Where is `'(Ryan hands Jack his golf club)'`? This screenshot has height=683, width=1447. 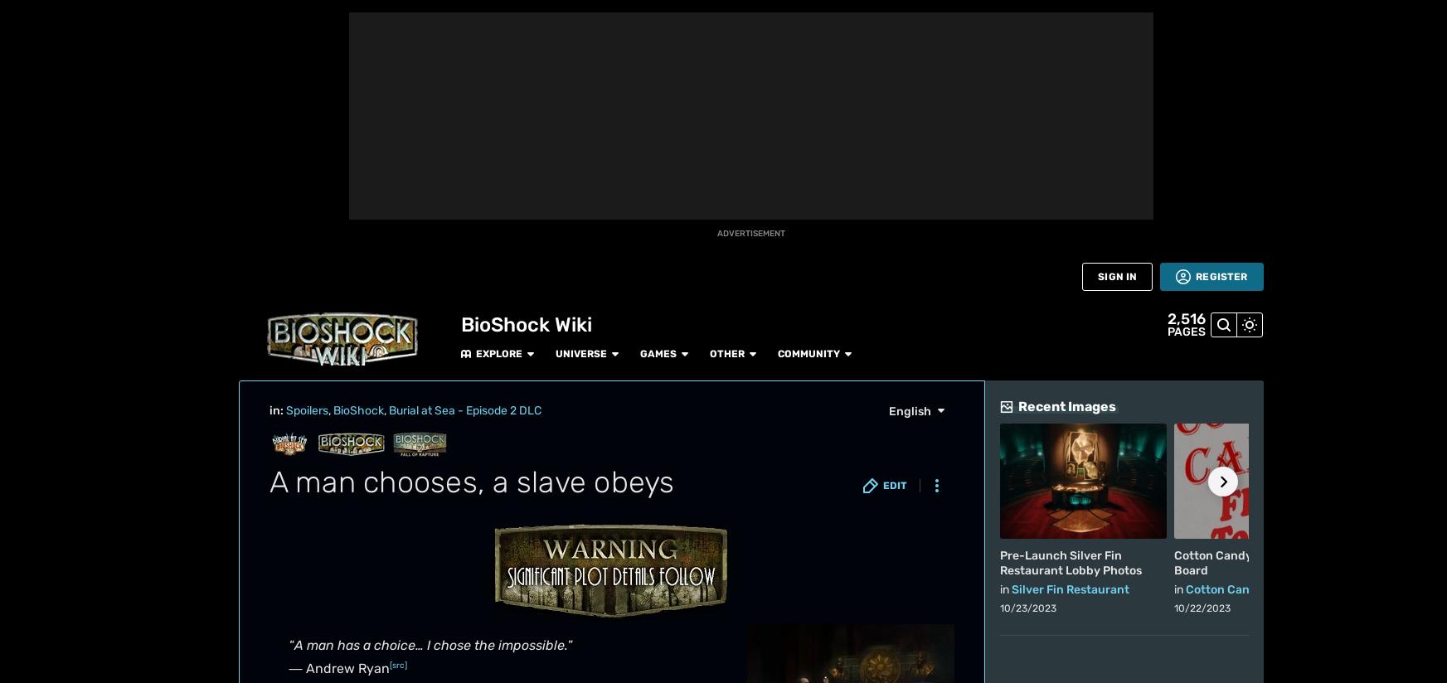
'(Ryan hands Jack his golf club)' is located at coordinates (692, 38).